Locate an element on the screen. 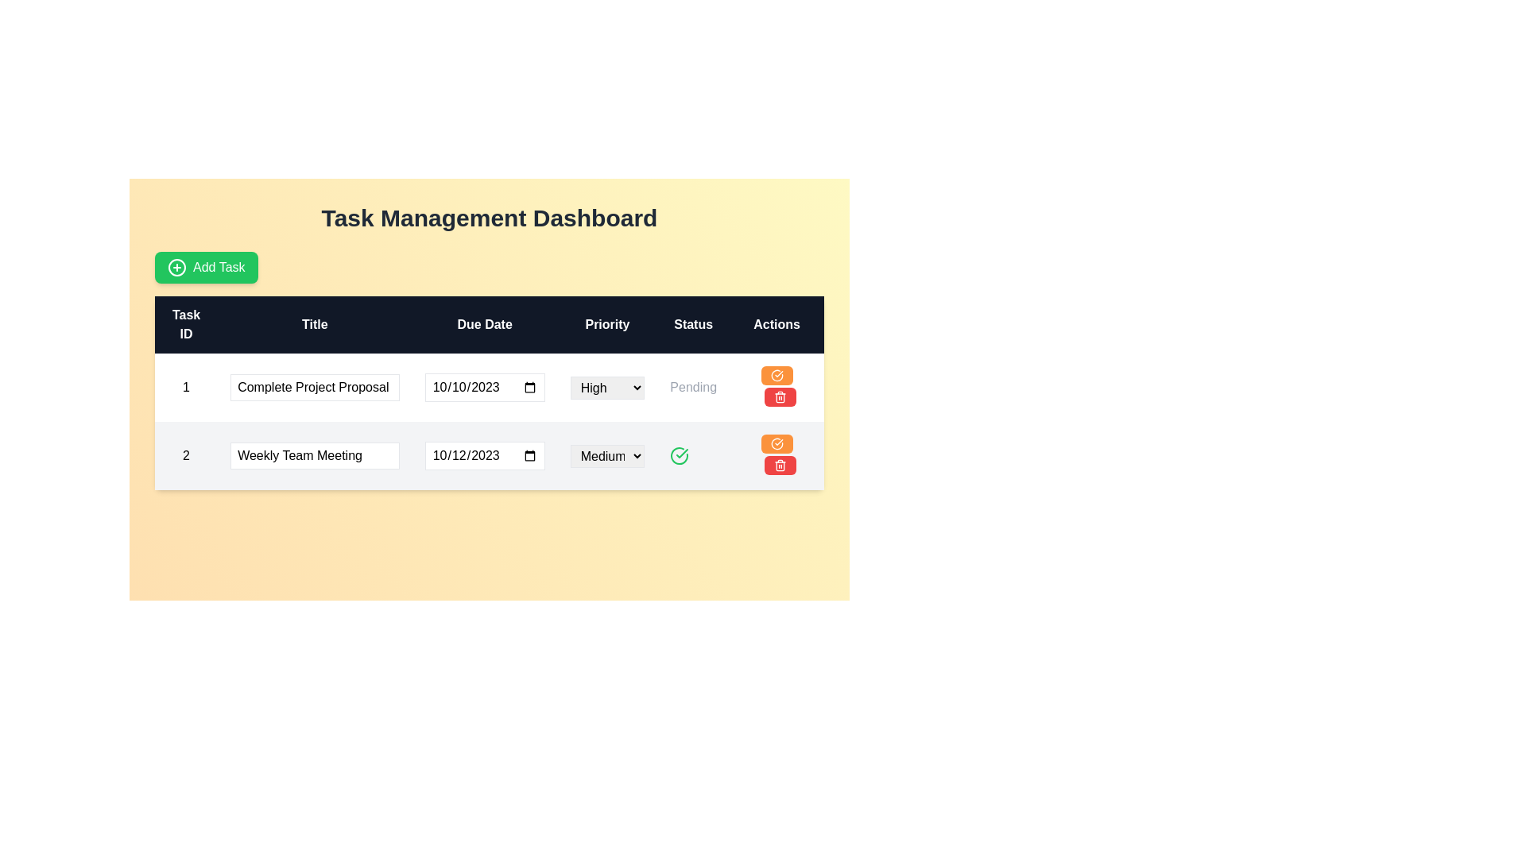  the dropdown input field displaying 'High' in the 'Priority' column of the task management table to activate it is located at coordinates (606, 388).